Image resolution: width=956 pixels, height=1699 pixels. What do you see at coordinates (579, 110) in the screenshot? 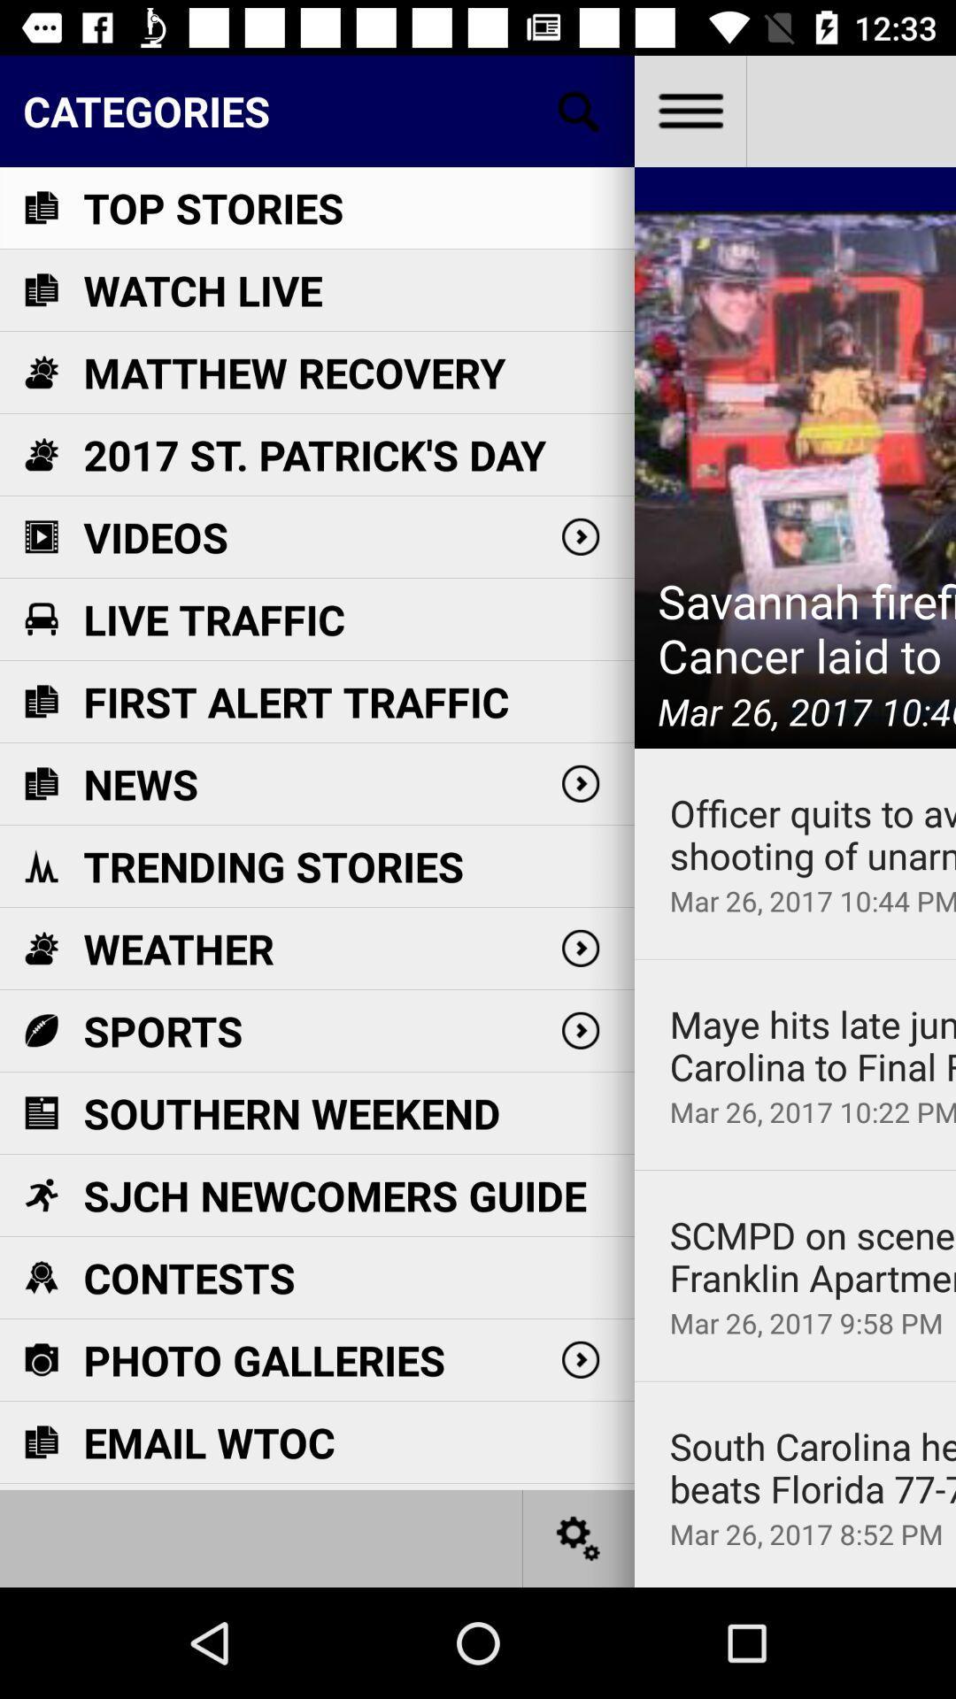
I see `the search icon` at bounding box center [579, 110].